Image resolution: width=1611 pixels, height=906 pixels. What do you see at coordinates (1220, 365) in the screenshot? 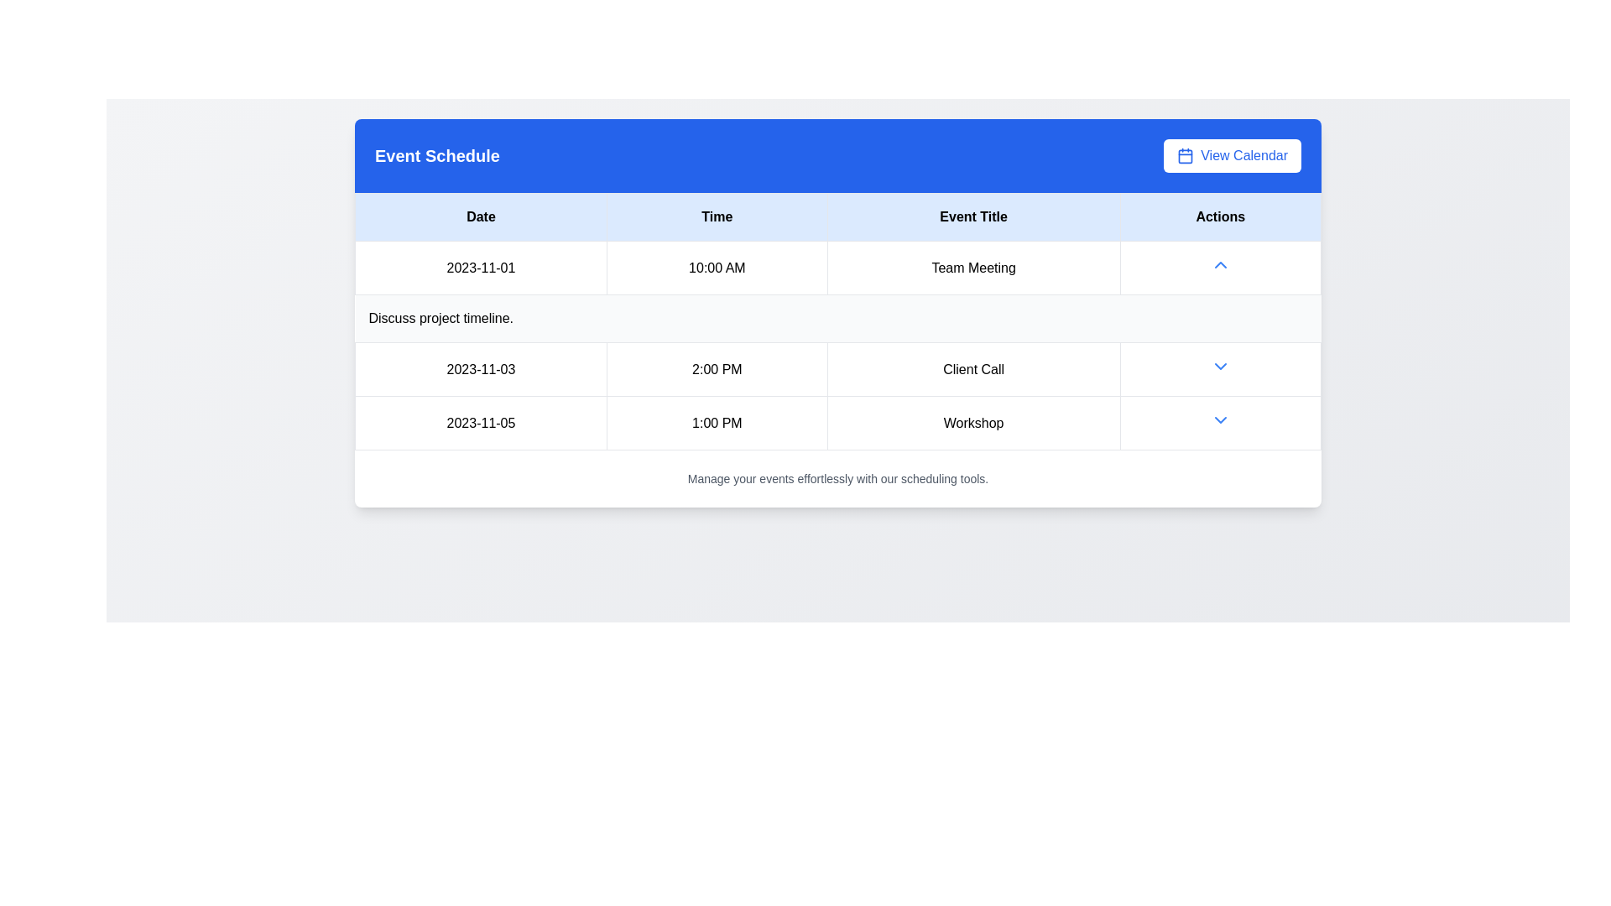
I see `the blue downward-pointing chevron icon button in the 'Actions' column of the event schedule table` at bounding box center [1220, 365].